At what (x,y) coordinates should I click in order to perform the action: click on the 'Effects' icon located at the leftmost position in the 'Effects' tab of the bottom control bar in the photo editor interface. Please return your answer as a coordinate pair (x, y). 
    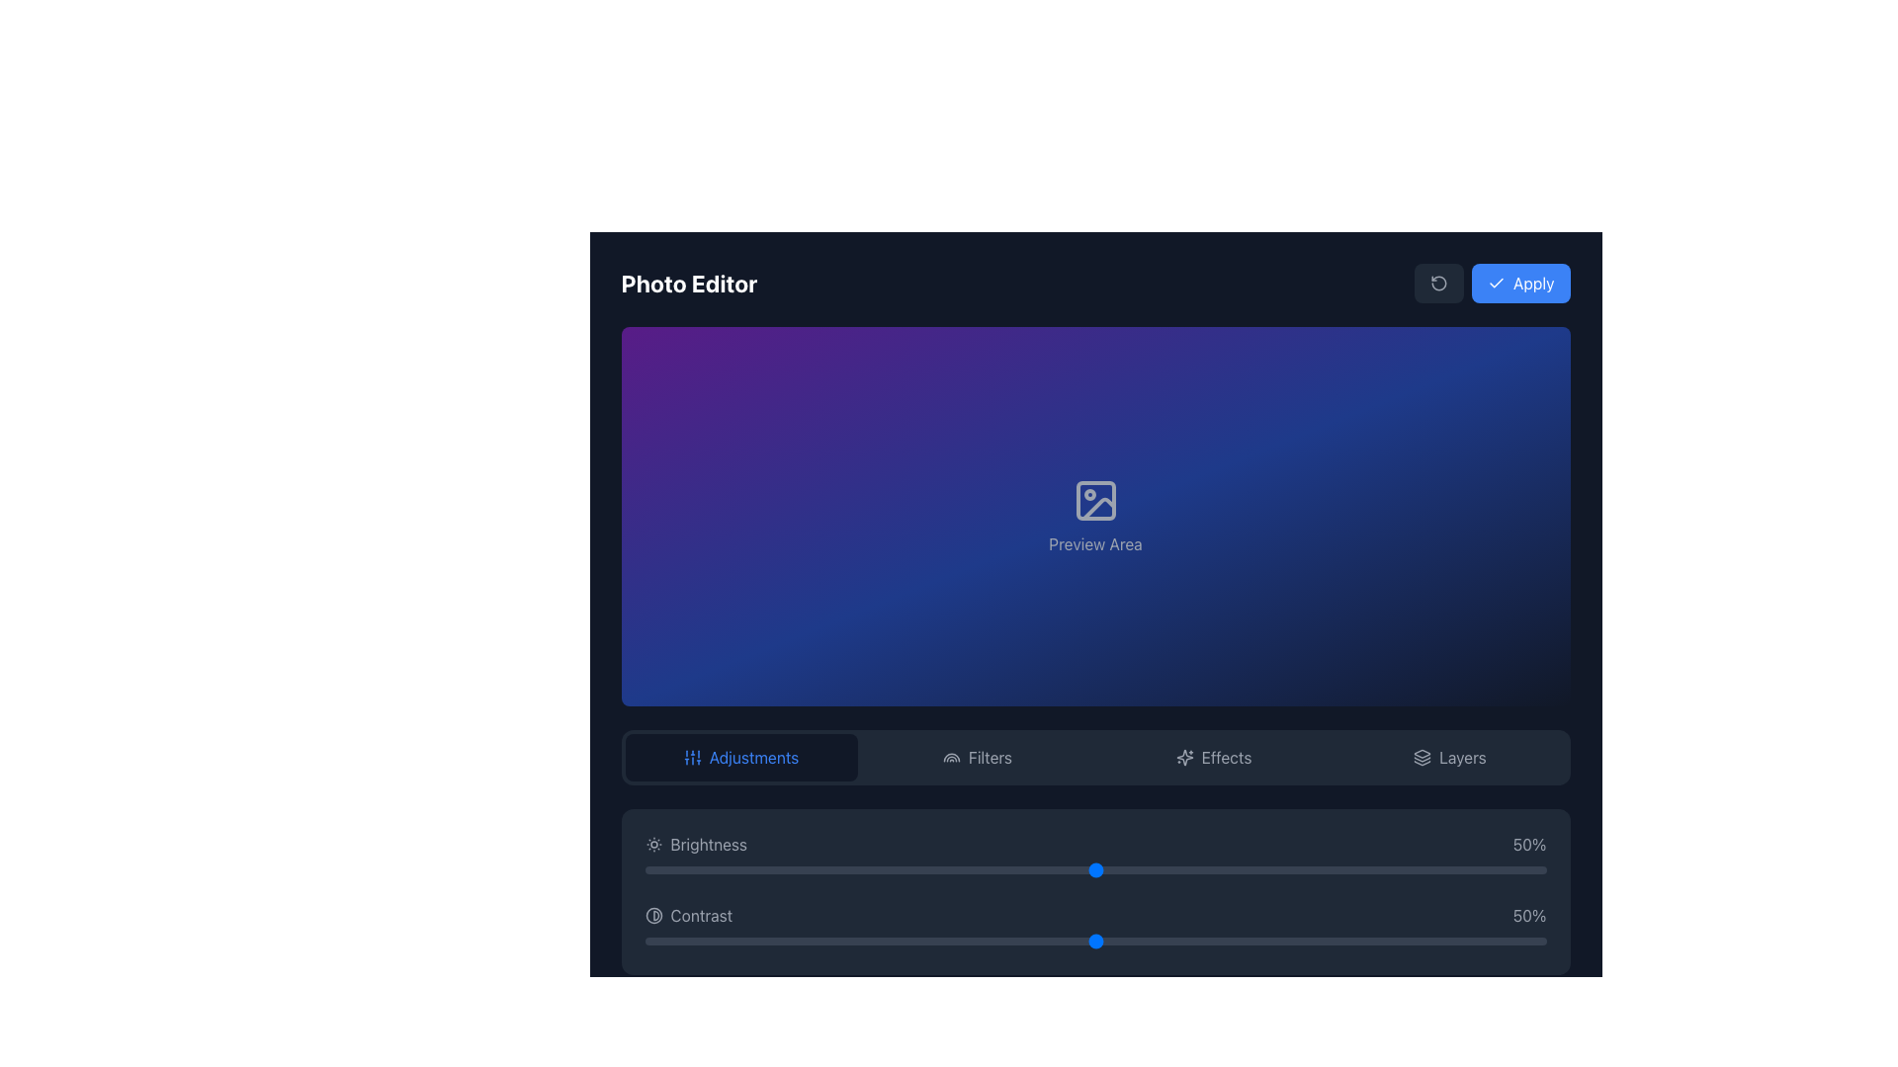
    Looking at the image, I should click on (1184, 757).